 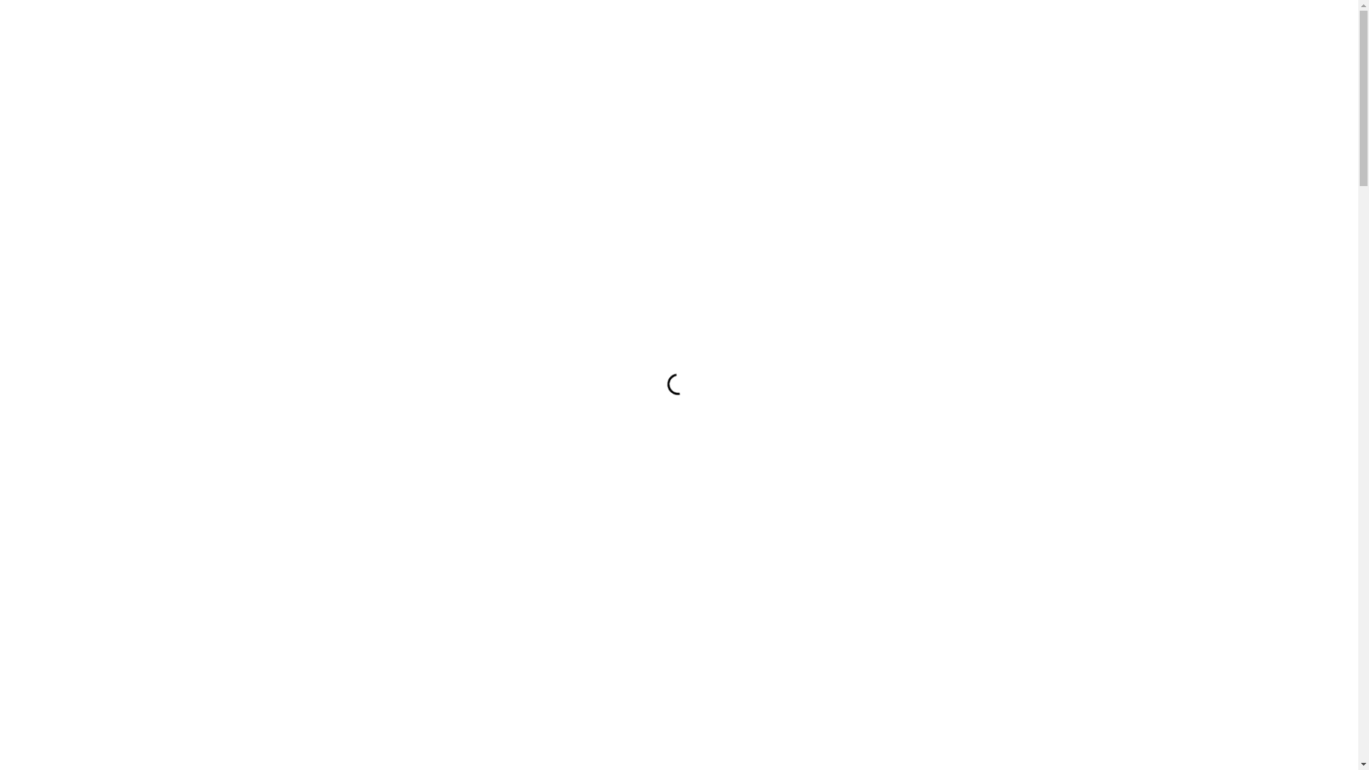 I want to click on 'Kontakt', so click(x=17, y=98).